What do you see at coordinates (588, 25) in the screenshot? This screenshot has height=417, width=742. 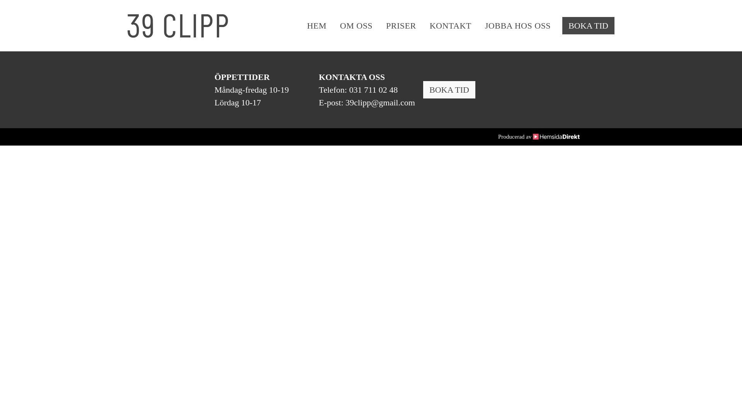 I see `'BOKA TID'` at bounding box center [588, 25].